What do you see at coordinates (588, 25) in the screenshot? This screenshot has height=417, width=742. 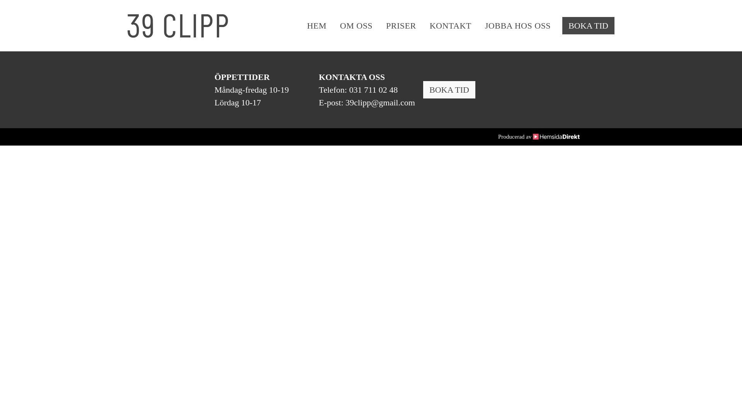 I see `'BOKA TID'` at bounding box center [588, 25].